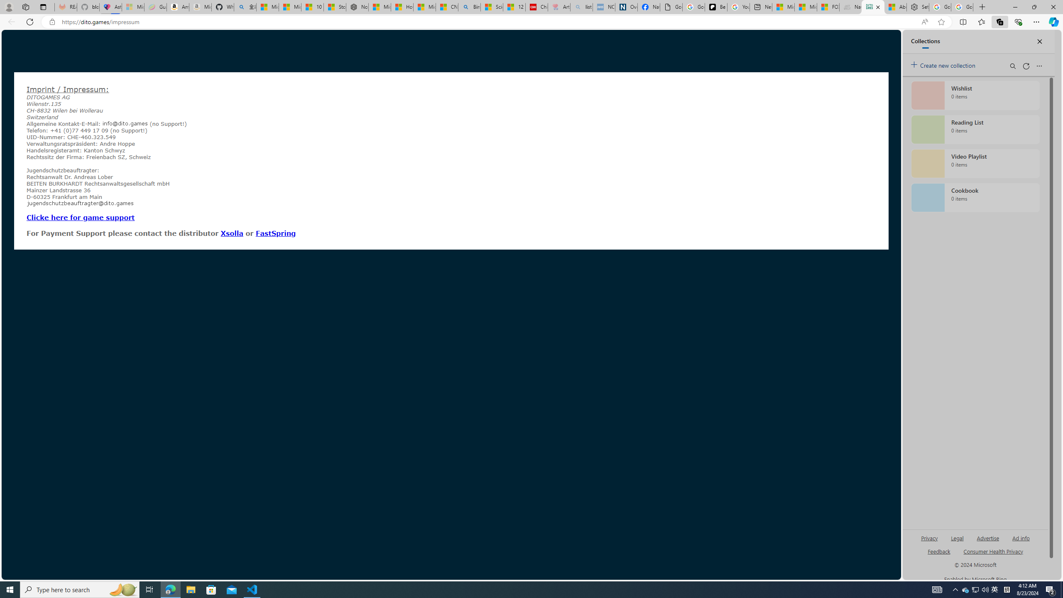 The width and height of the screenshot is (1063, 598). Describe the element at coordinates (80, 217) in the screenshot. I see `'Clicke here for game support'` at that location.